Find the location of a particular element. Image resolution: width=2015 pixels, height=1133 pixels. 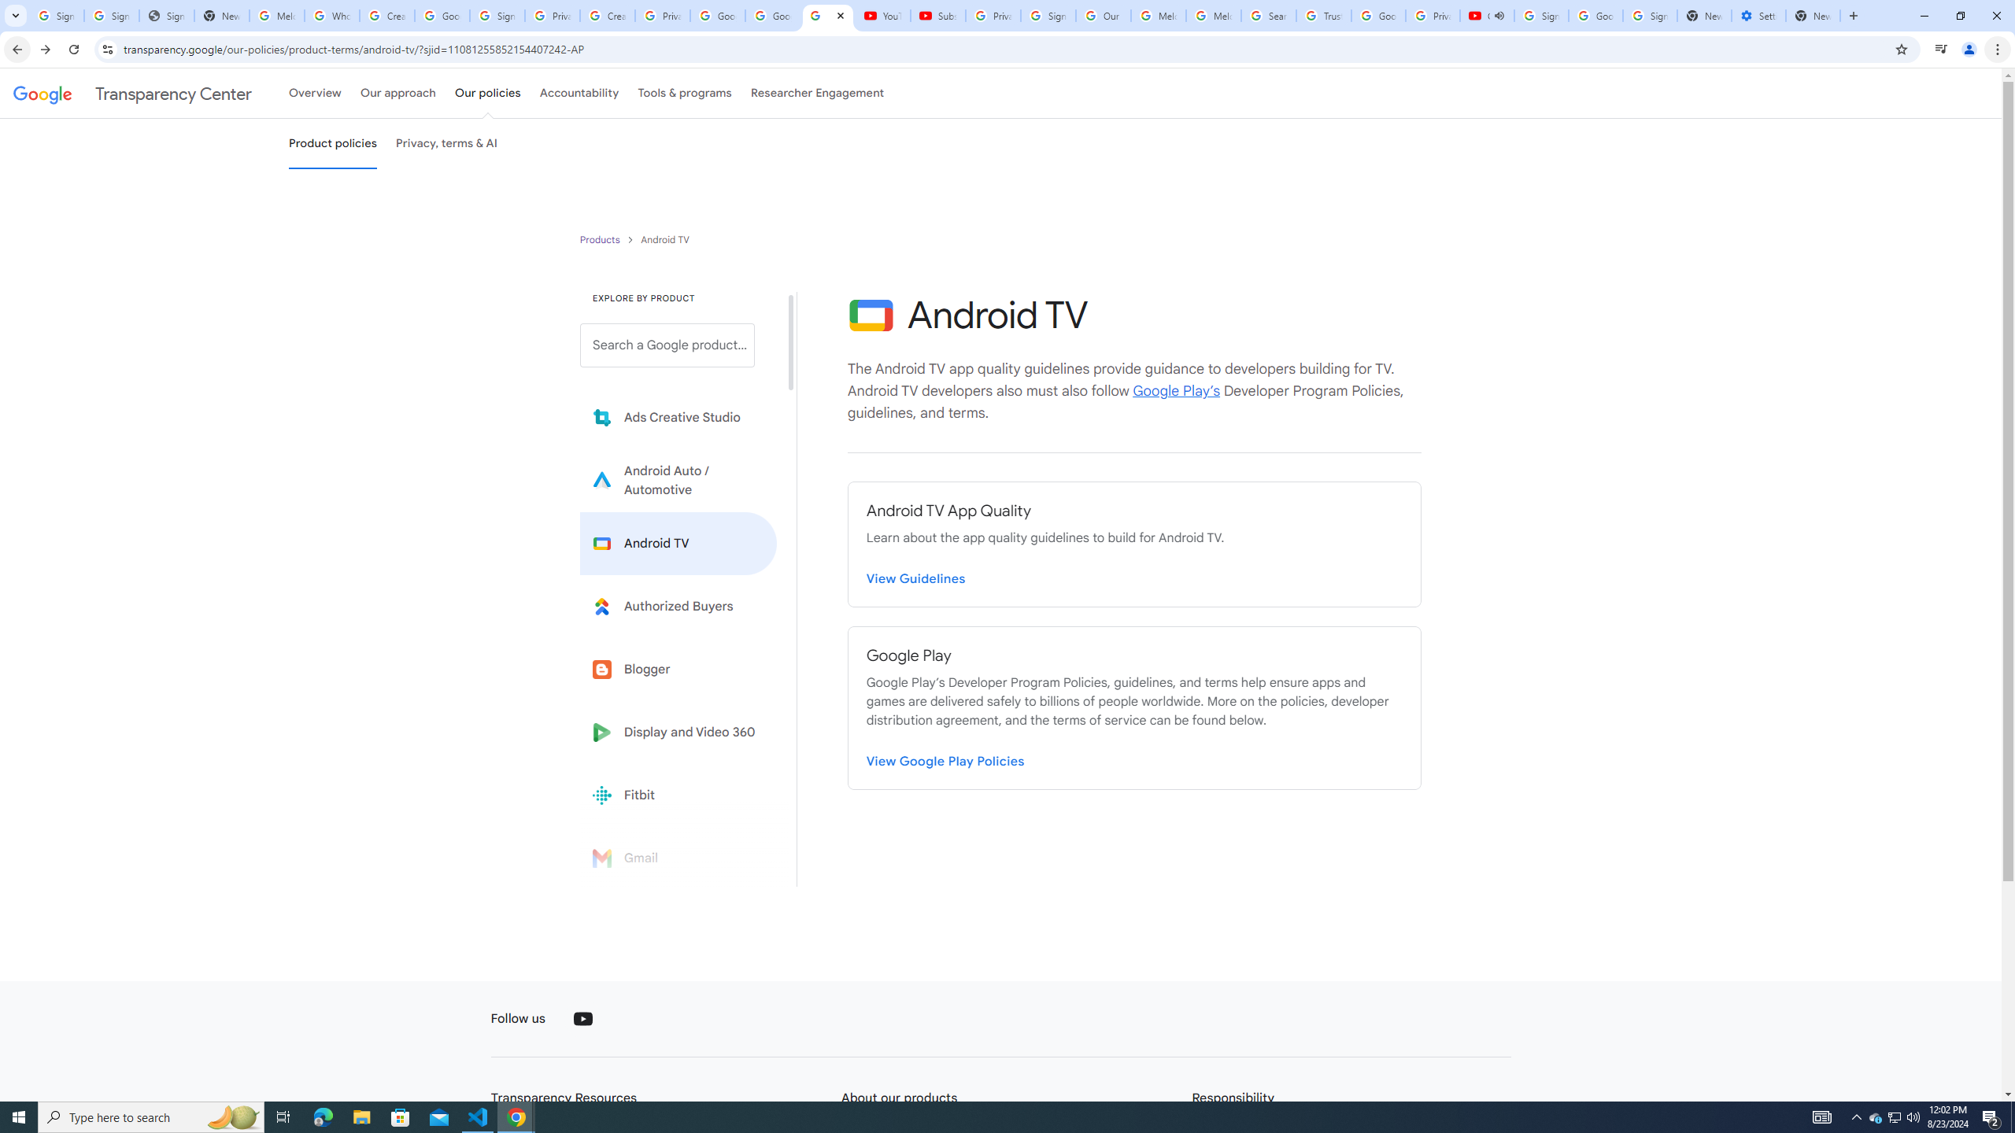

'Sign in - Google Accounts' is located at coordinates (112, 15).